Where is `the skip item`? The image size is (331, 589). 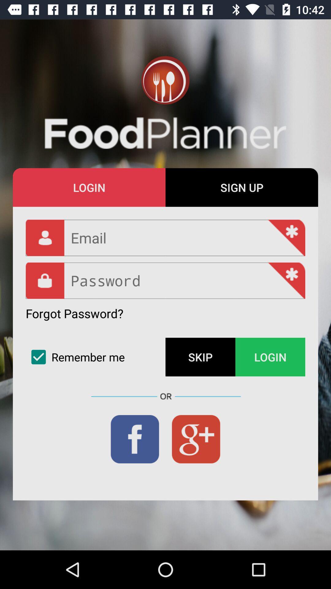 the skip item is located at coordinates (200, 357).